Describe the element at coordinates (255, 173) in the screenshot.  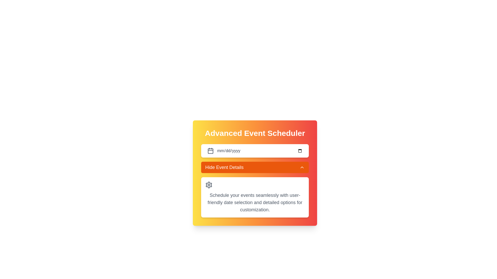
I see `the Interactive Card Component that highlights the advanced event scheduling feature, which is centrally placed among similar styled cards in the fixed panel` at that location.